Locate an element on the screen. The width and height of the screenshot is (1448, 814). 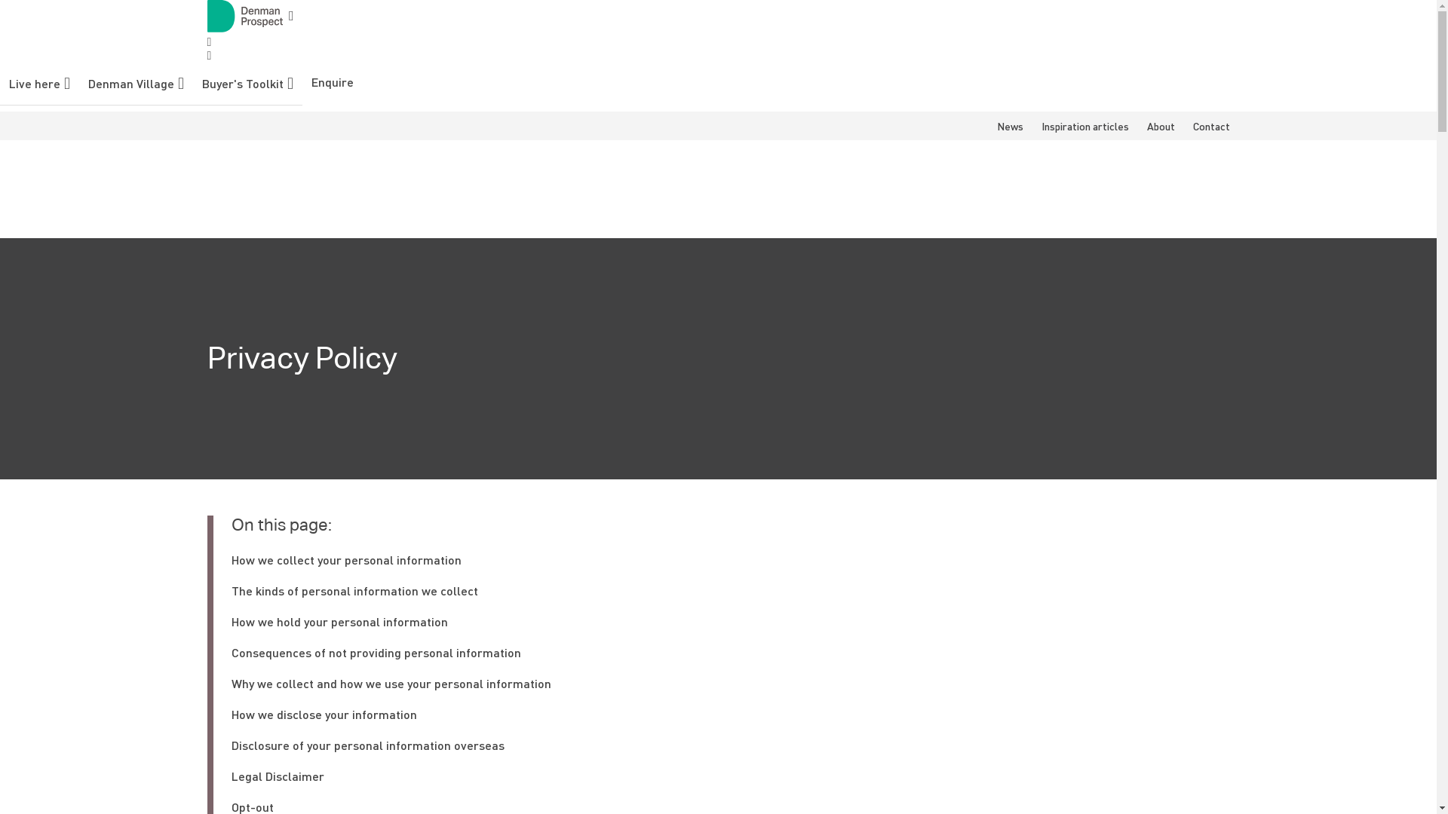
'News' is located at coordinates (996, 124).